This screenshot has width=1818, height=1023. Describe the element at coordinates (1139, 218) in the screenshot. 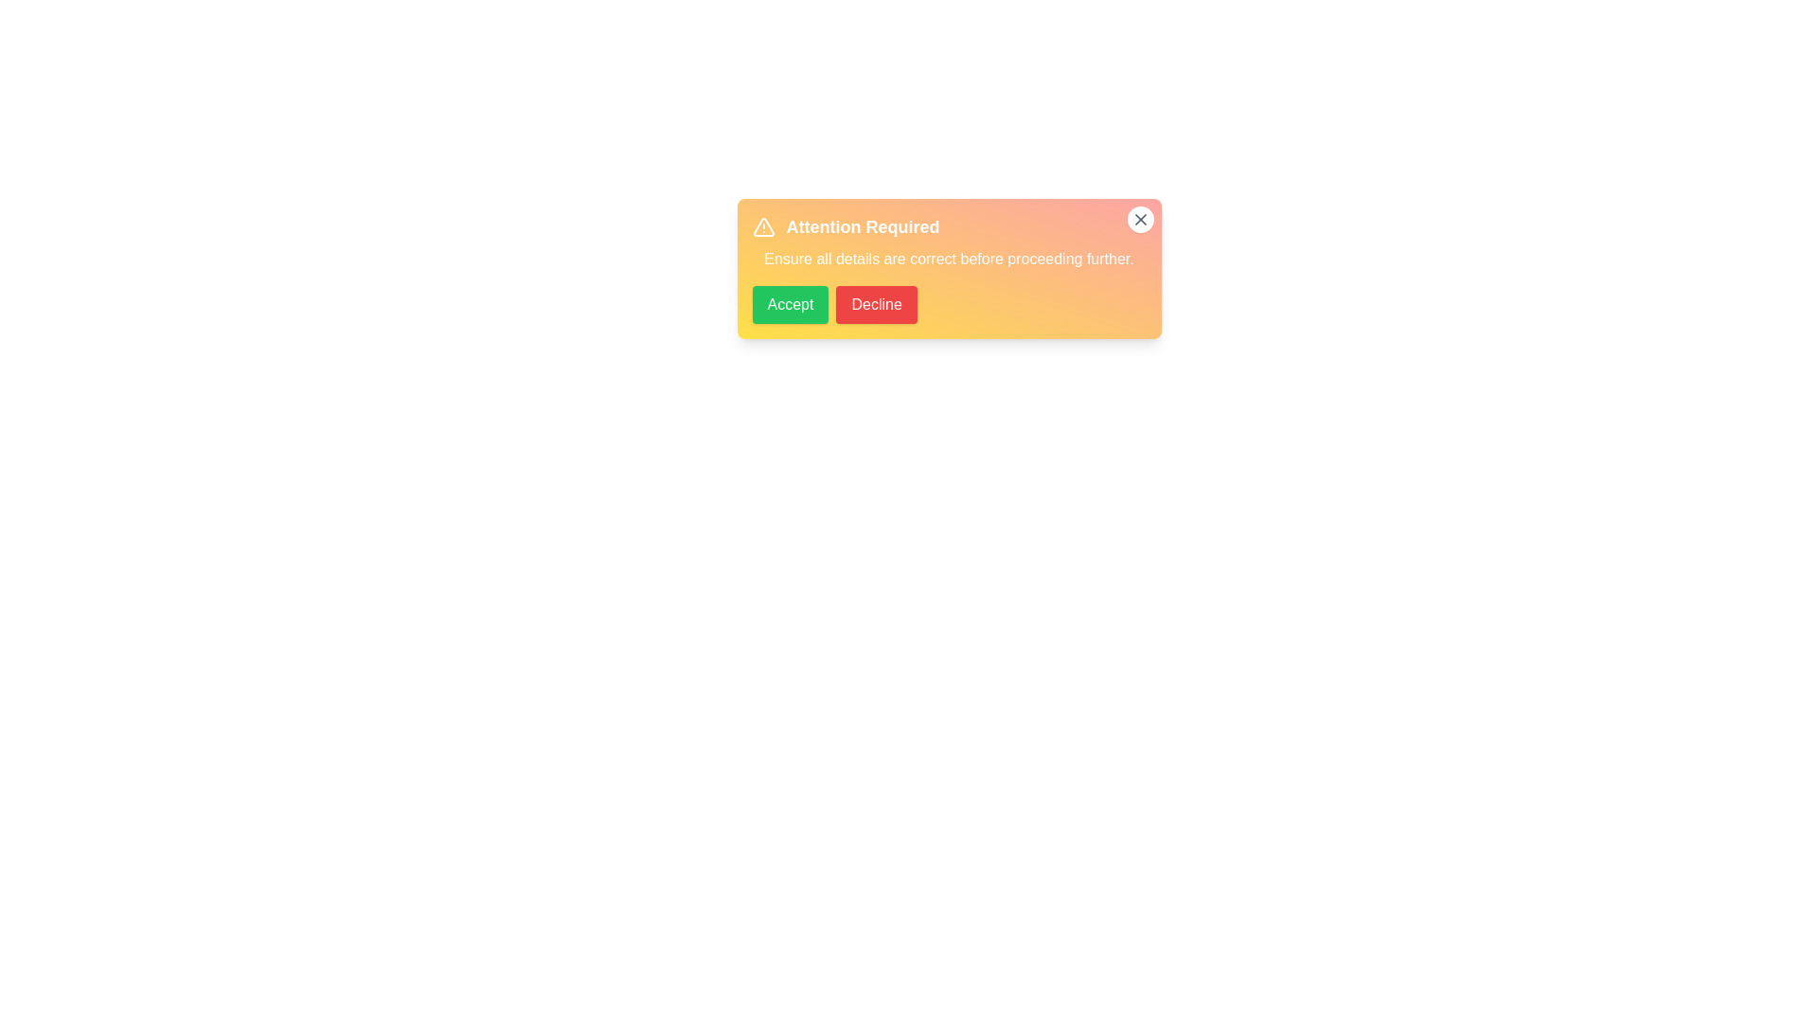

I see `the close button at the top-right corner of the notification alert` at that location.